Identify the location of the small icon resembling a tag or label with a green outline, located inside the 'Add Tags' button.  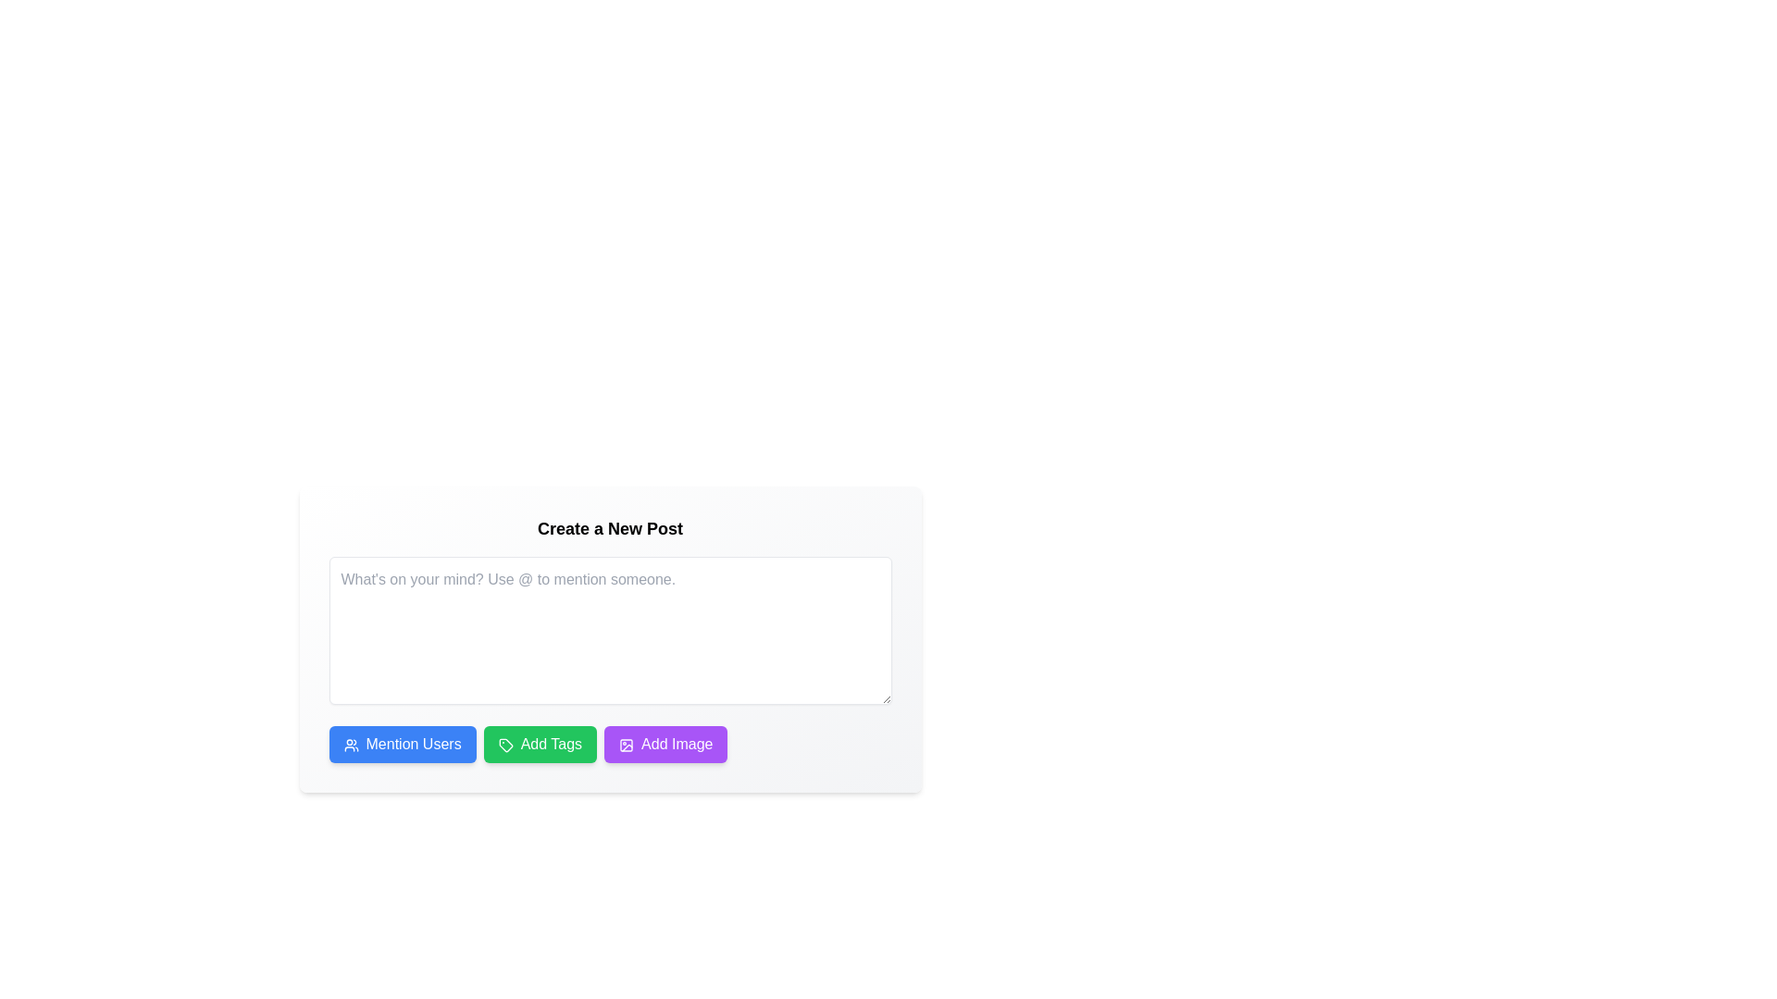
(505, 744).